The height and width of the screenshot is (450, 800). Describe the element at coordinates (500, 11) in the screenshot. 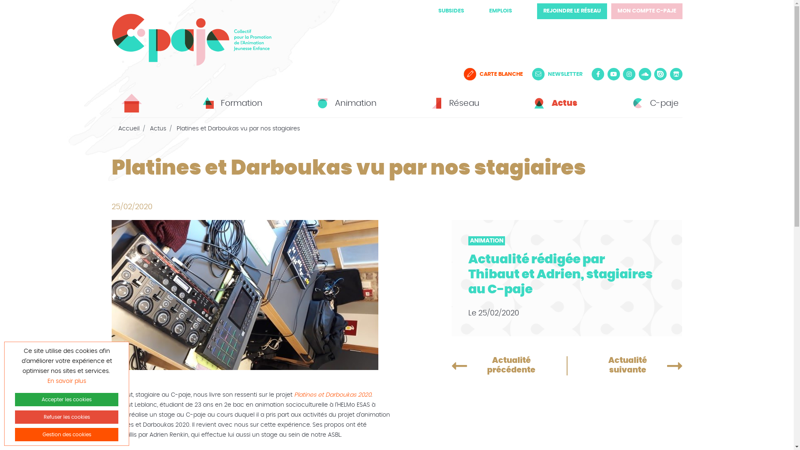

I see `'EMPLOIS'` at that location.